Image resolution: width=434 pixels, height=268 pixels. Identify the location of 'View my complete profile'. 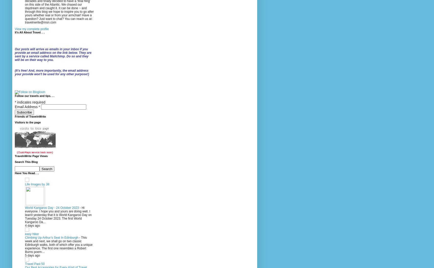
(31, 29).